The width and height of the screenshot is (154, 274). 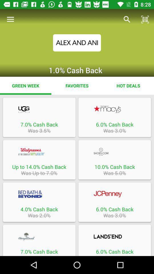 I want to click on open the specific page, so click(x=115, y=194).